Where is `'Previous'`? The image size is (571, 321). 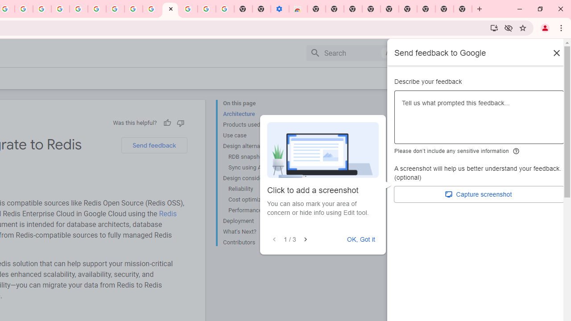
'Previous' is located at coordinates (274, 239).